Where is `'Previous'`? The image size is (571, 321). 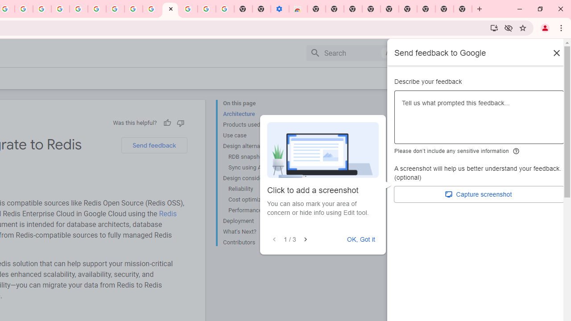
'Previous' is located at coordinates (274, 239).